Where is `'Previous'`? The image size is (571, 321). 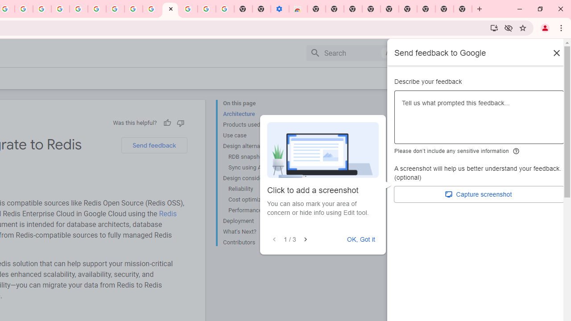
'Previous' is located at coordinates (274, 239).